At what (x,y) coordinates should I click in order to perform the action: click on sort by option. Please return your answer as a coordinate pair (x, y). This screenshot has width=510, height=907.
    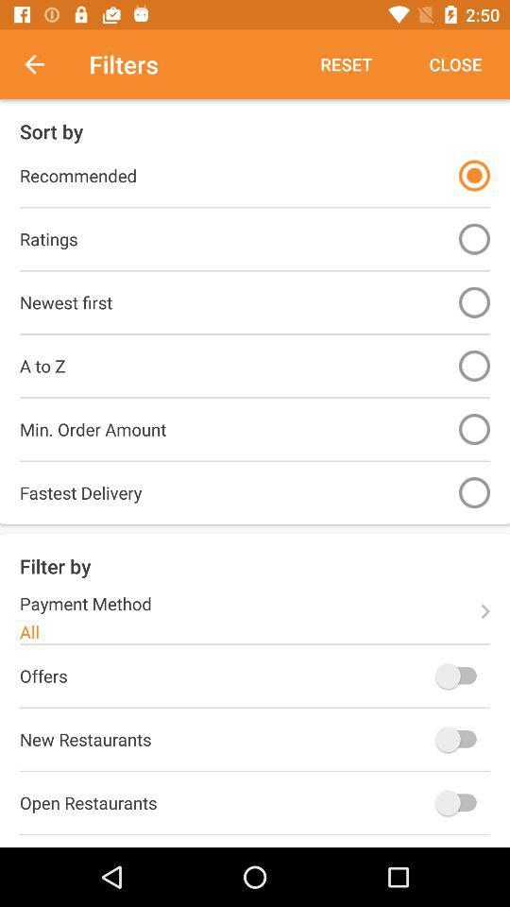
    Looking at the image, I should click on (473, 365).